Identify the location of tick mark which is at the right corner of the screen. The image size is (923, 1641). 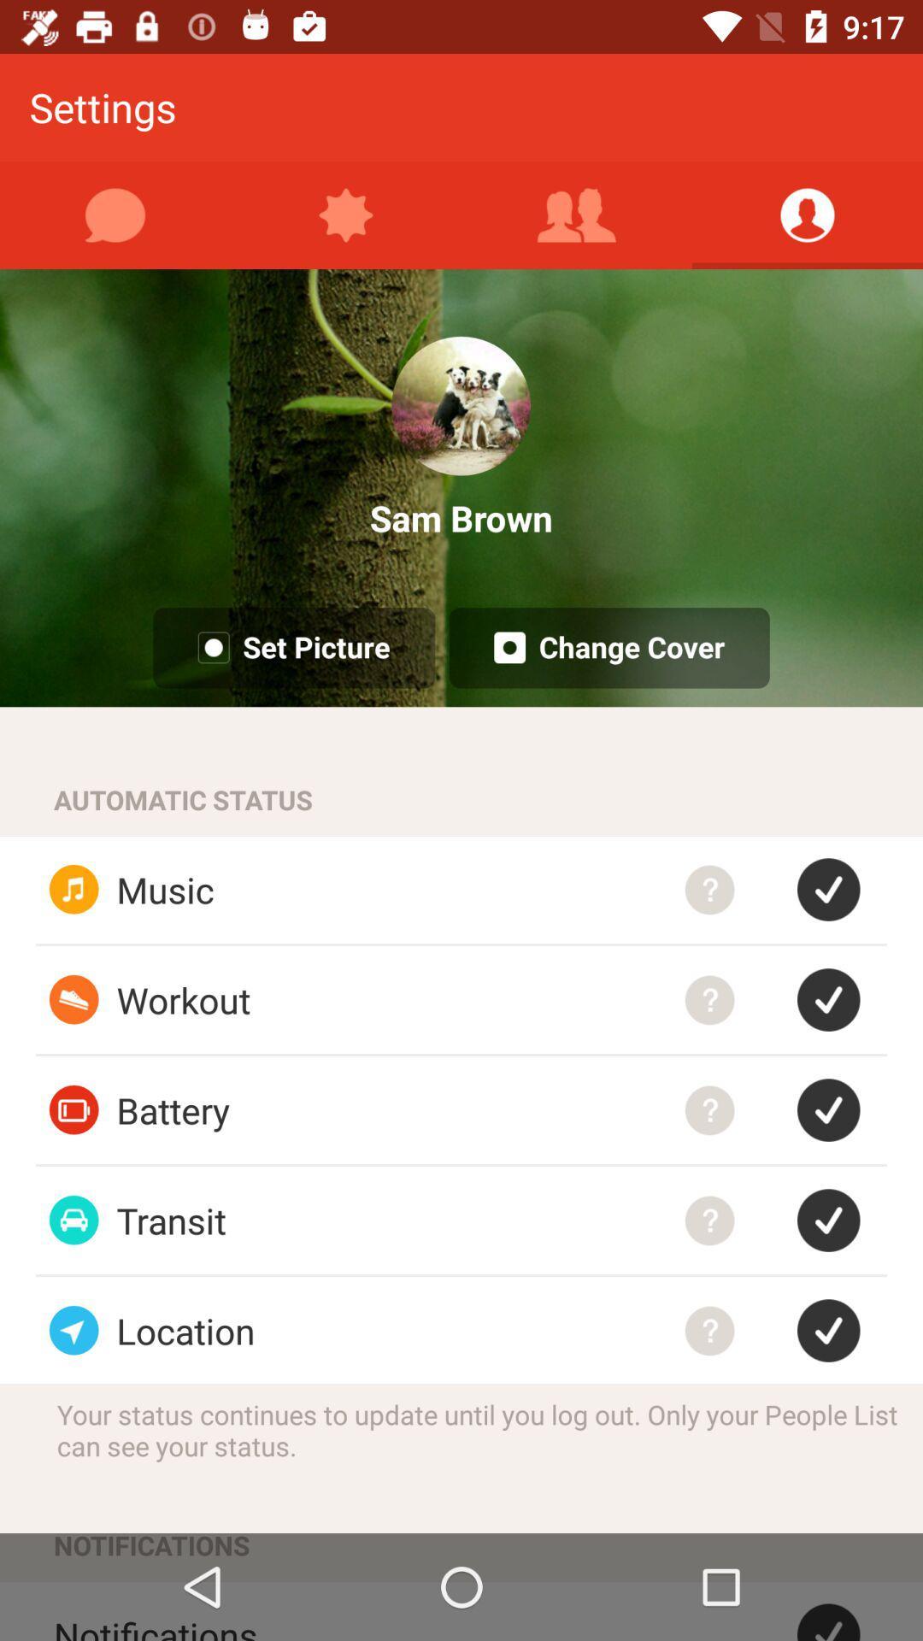
(841, 1610).